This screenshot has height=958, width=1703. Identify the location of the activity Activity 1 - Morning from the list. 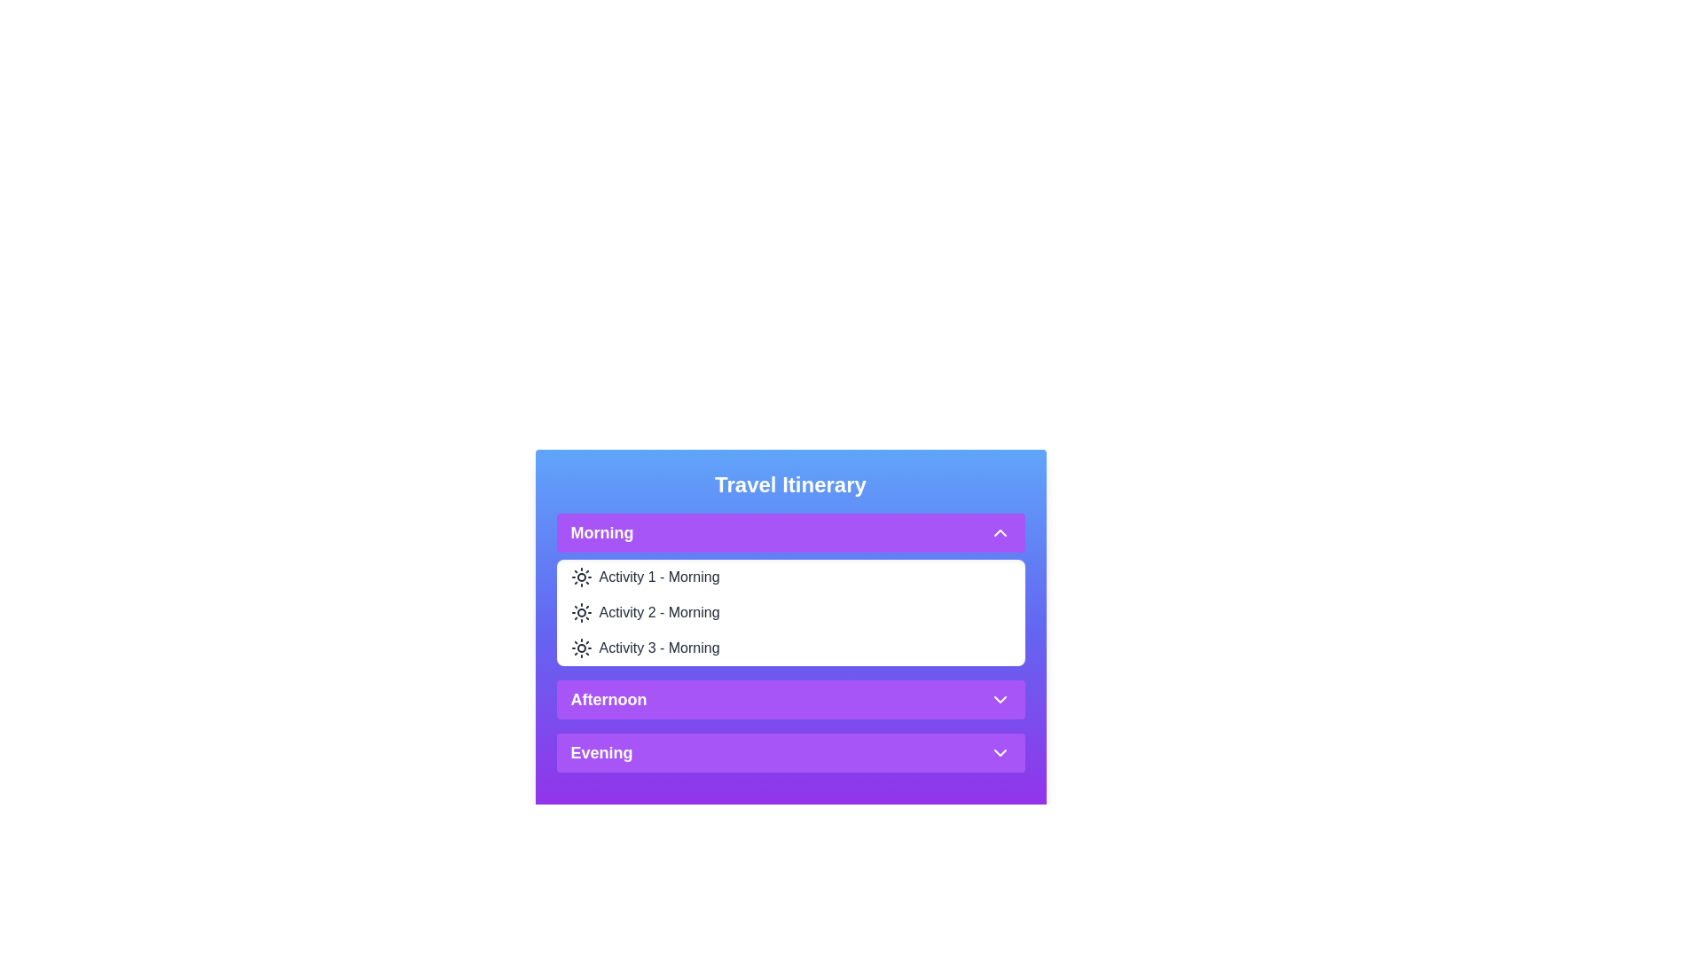
(658, 577).